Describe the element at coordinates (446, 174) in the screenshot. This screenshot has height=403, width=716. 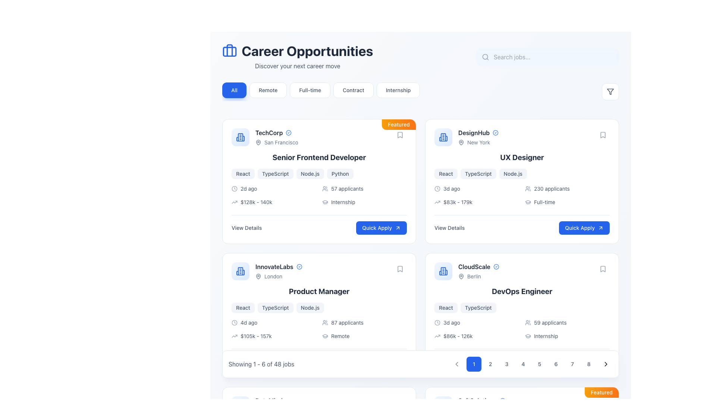
I see `the 'React' label, which is the first tag in the job posting section labeled 'DesignHub - UX Designer'` at that location.